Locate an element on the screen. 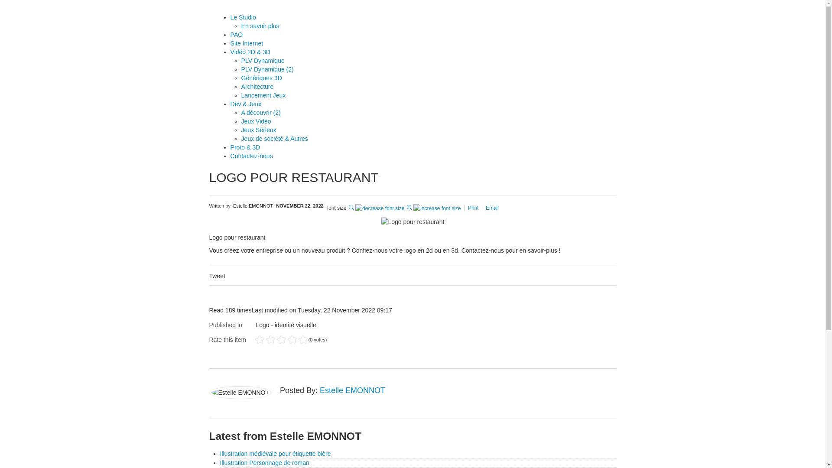  'Estelle EMONNOT' is located at coordinates (253, 205).